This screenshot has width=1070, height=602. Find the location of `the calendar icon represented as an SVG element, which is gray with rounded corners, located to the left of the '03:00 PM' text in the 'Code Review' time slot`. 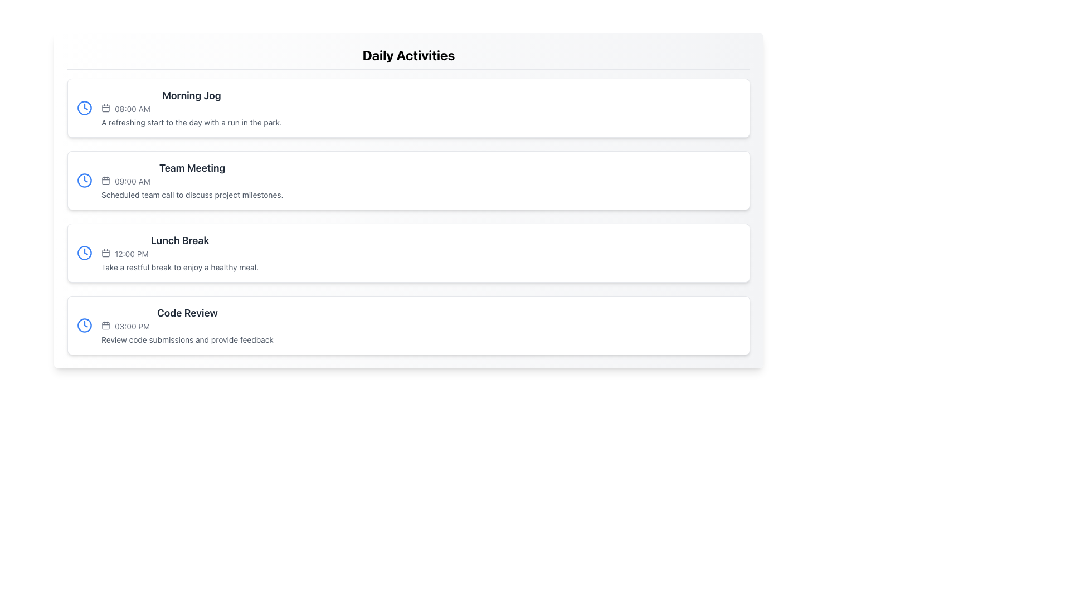

the calendar icon represented as an SVG element, which is gray with rounded corners, located to the left of the '03:00 PM' text in the 'Code Review' time slot is located at coordinates (106, 325).